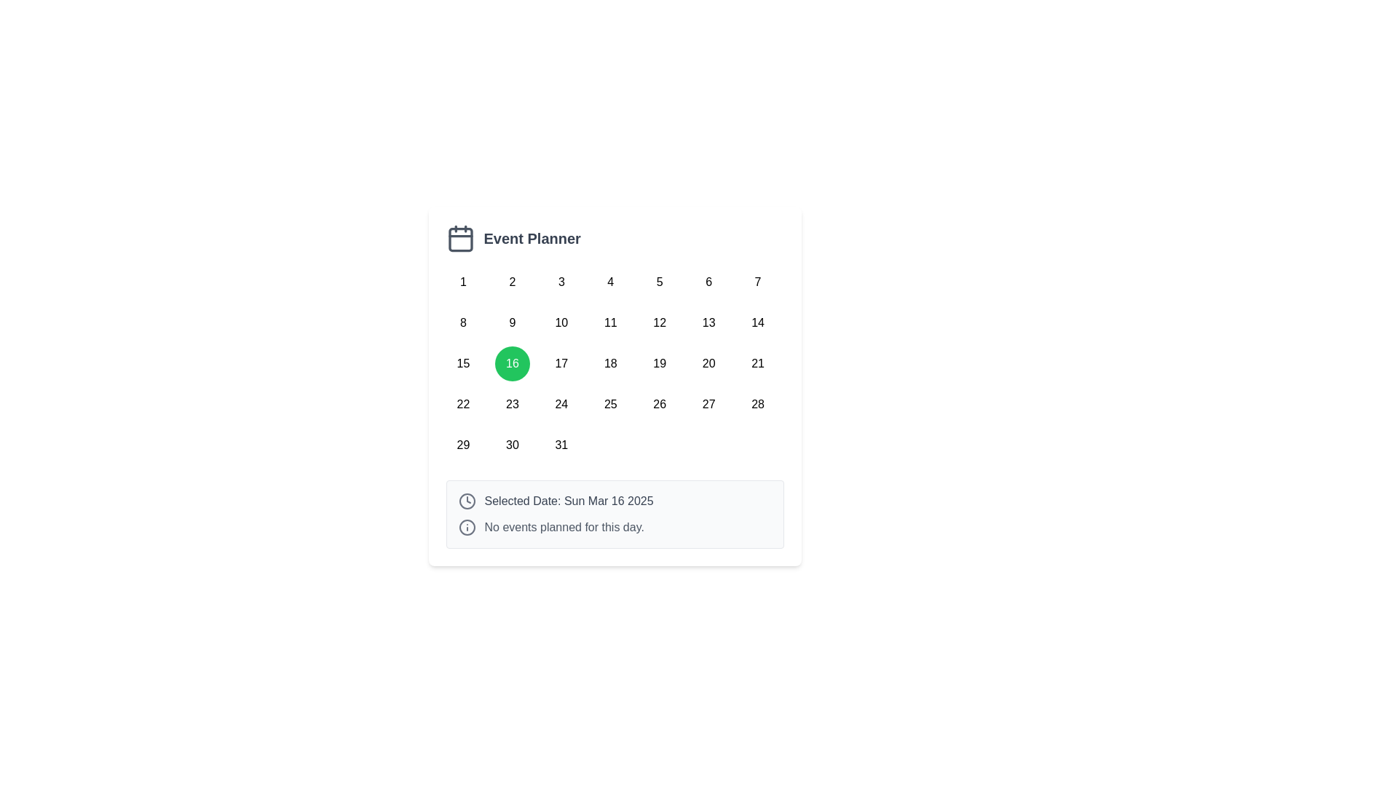 This screenshot has width=1398, height=786. I want to click on the static text element displaying 'Selected Date: Sun Mar 16 2025', which is styled in medium-weight gray font and located at the bottom of the calendar interface, to the right of a clock icon, so click(568, 501).